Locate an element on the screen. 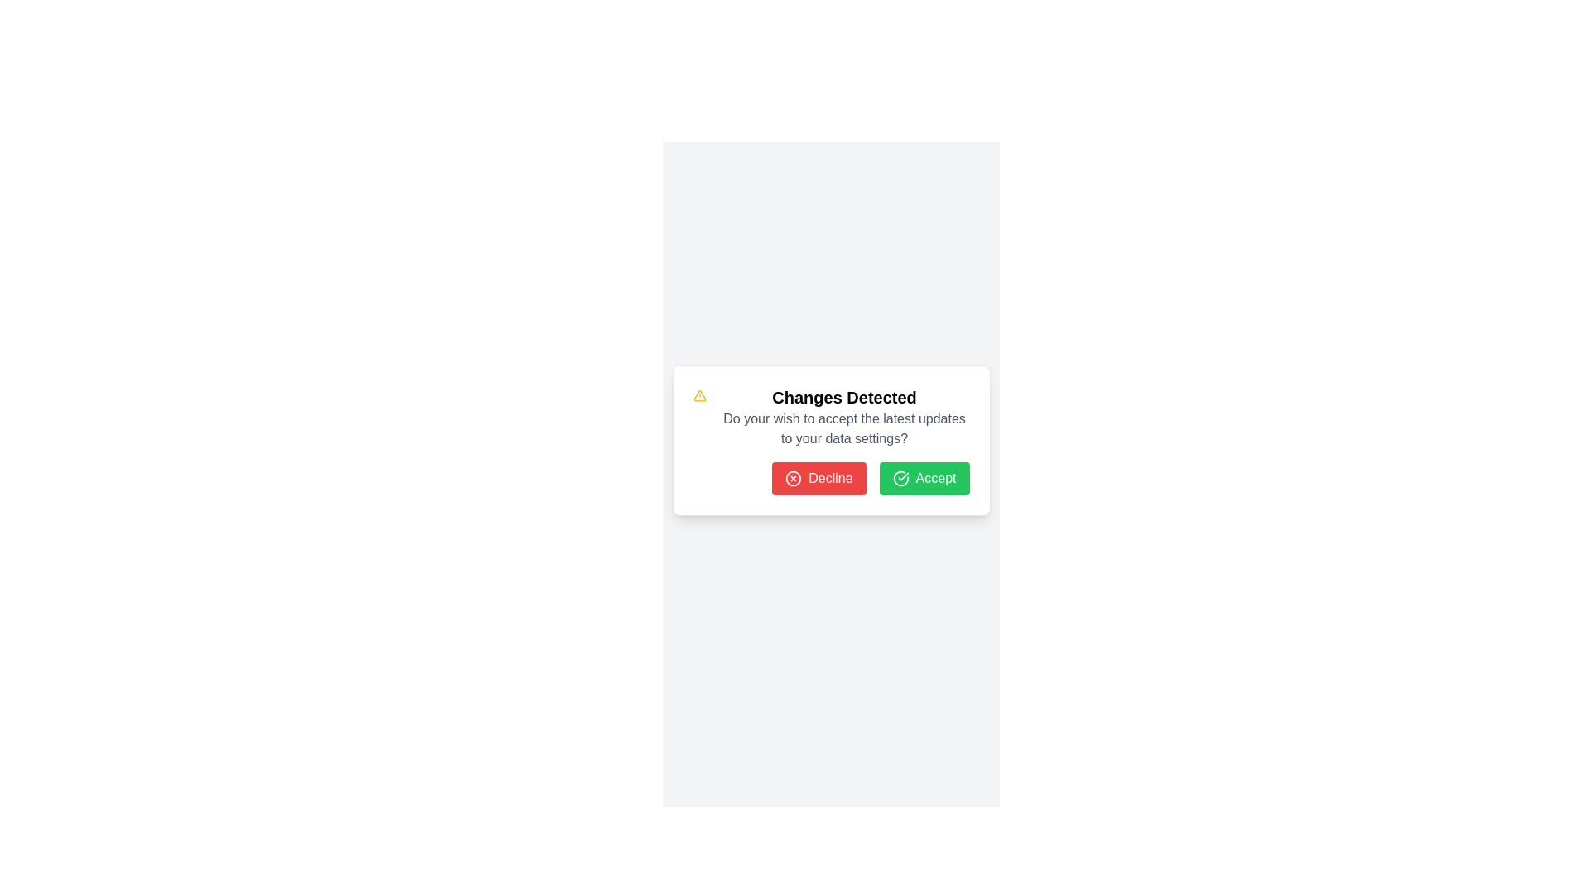  the circular check mark icon inside the green 'Accept' button, located towards the bottom-right corner of the modal dialog, to indirectly trigger the button's action is located at coordinates (900, 478).